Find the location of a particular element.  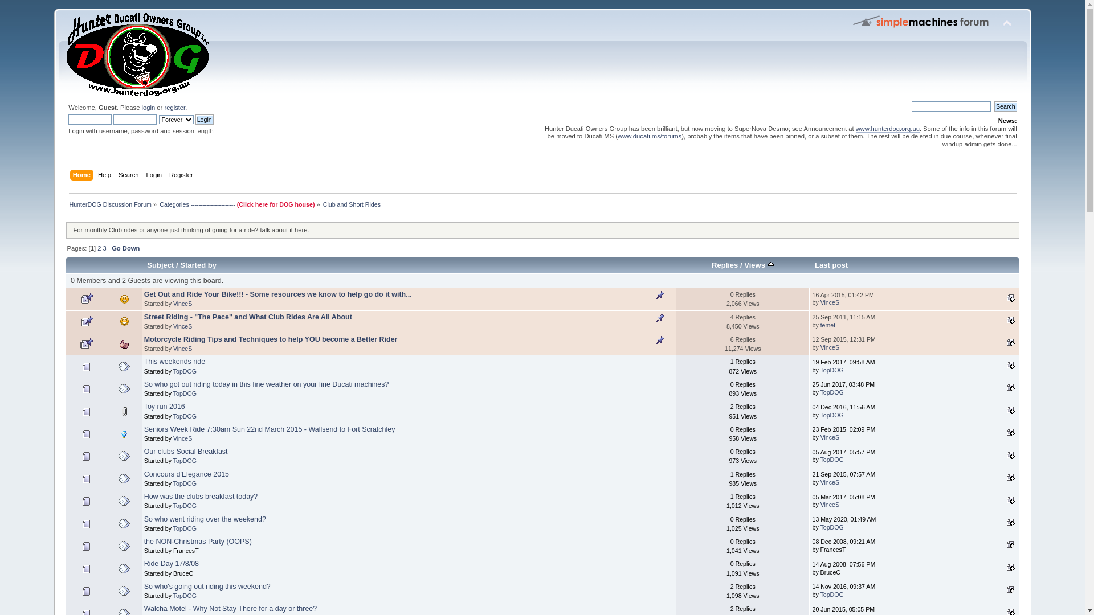

'the NON-Christmas Party (OOPS)' is located at coordinates (198, 541).